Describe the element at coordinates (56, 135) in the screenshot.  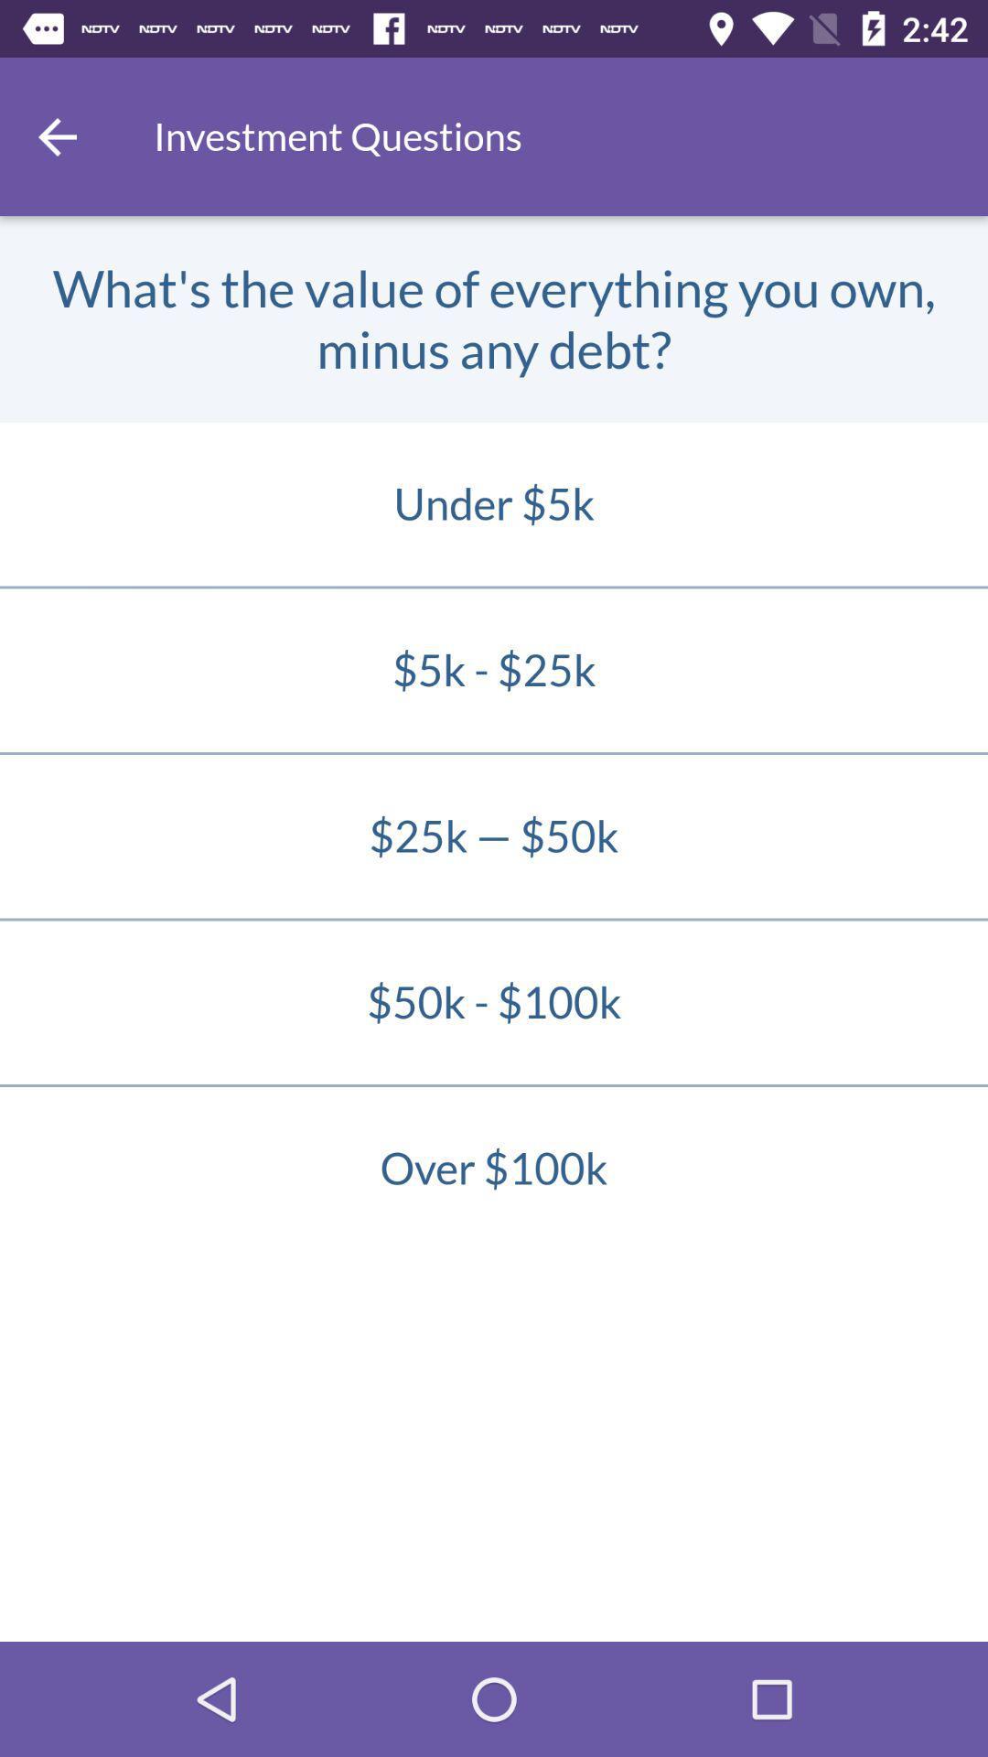
I see `the item at the top left corner` at that location.